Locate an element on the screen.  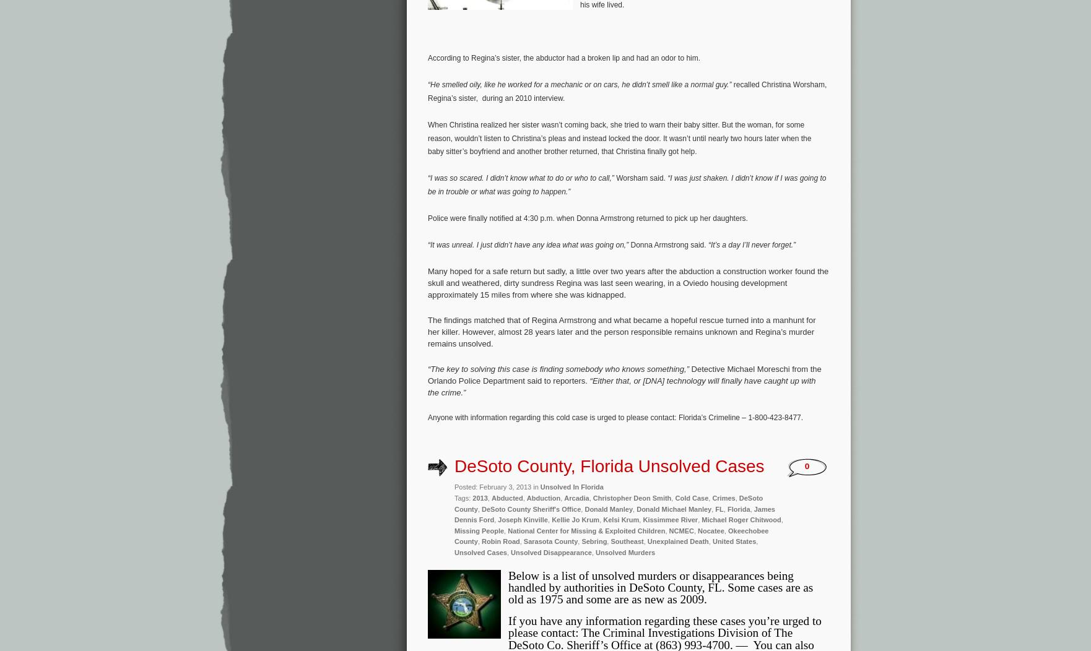
'Unsolved Cases' is located at coordinates (479, 551).